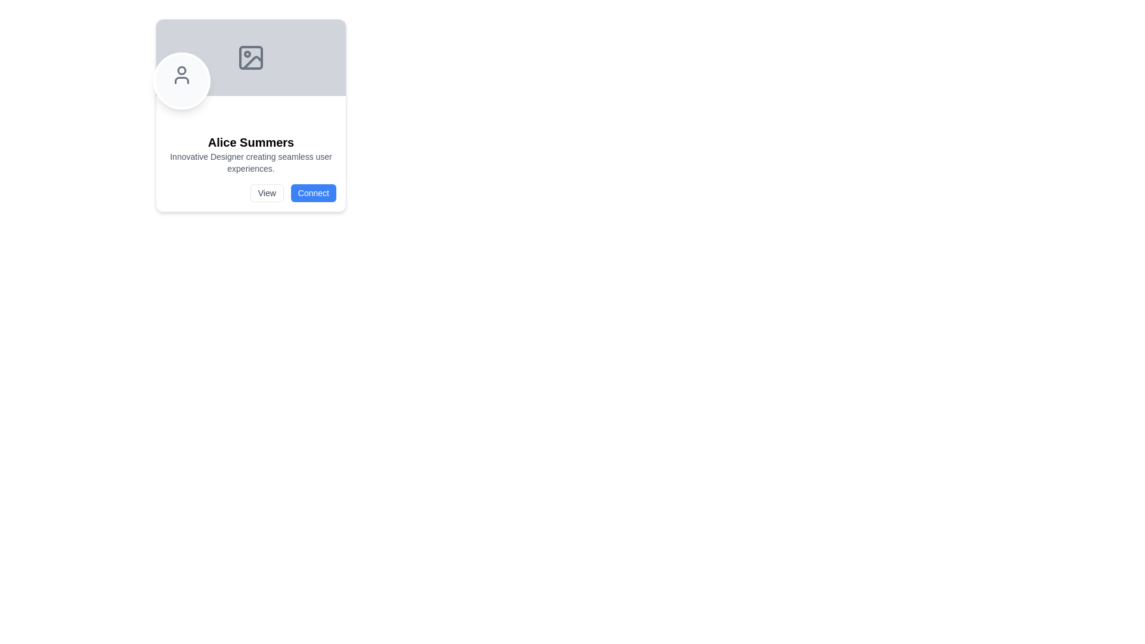  What do you see at coordinates (181, 80) in the screenshot?
I see `the shoulders and torso portion of the user profile icon located at the top left of the card displaying user information` at bounding box center [181, 80].